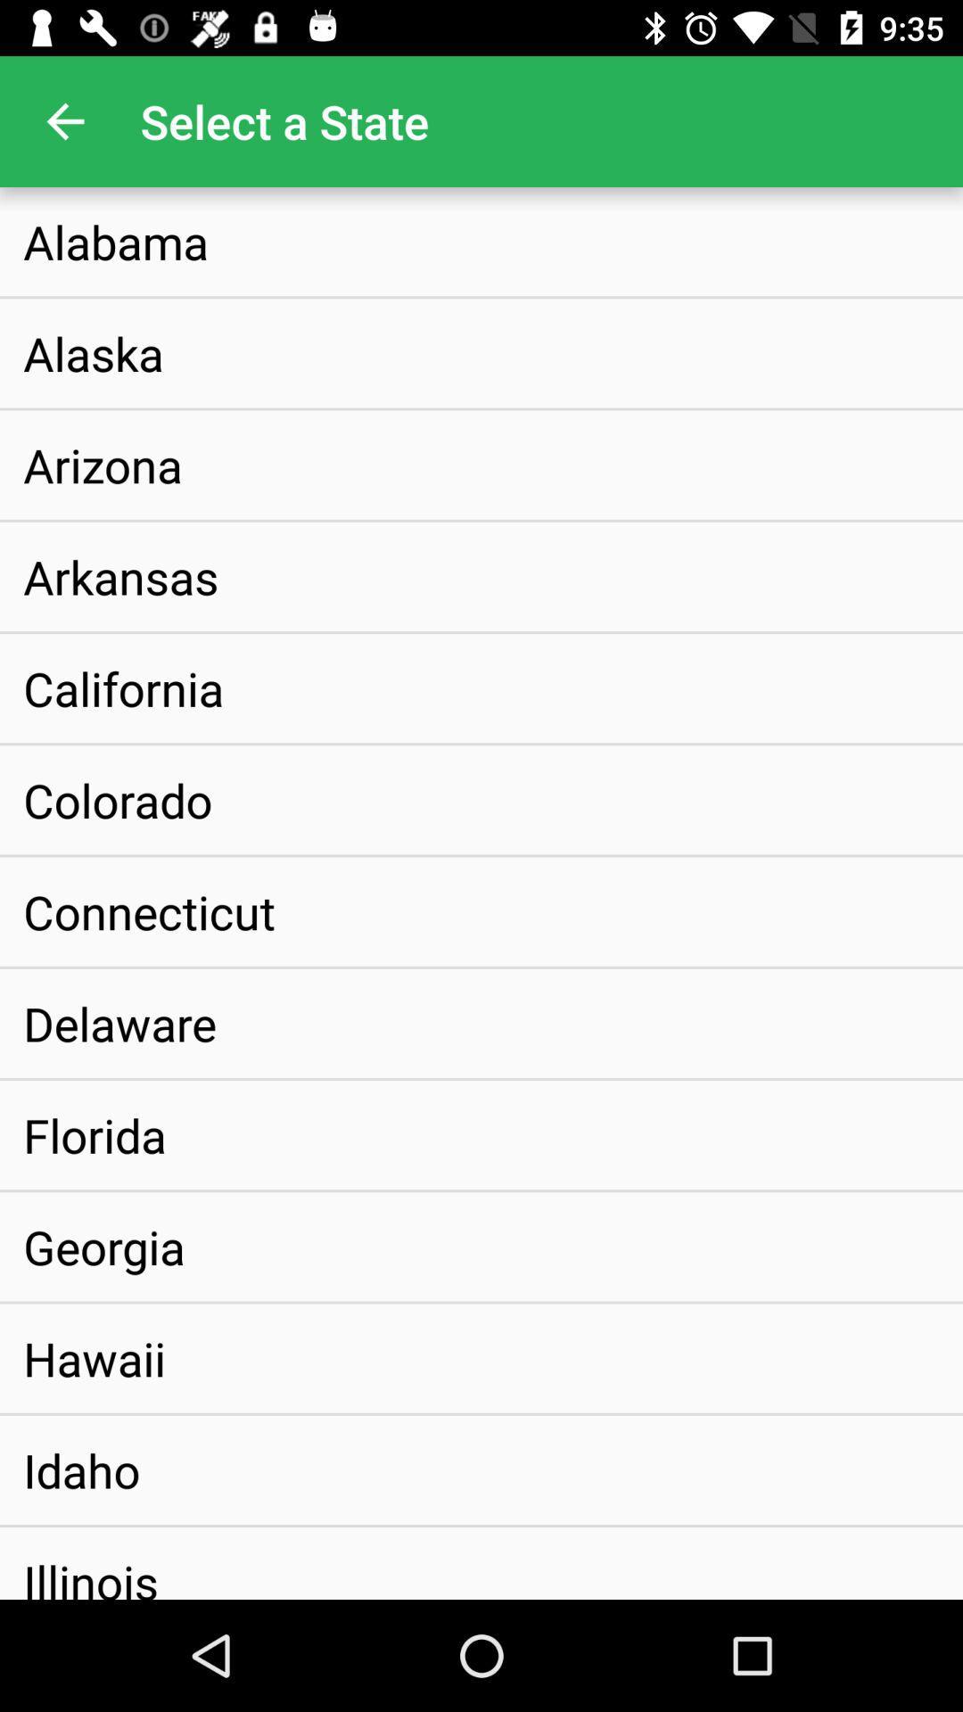  What do you see at coordinates (103, 1246) in the screenshot?
I see `the georgia item` at bounding box center [103, 1246].